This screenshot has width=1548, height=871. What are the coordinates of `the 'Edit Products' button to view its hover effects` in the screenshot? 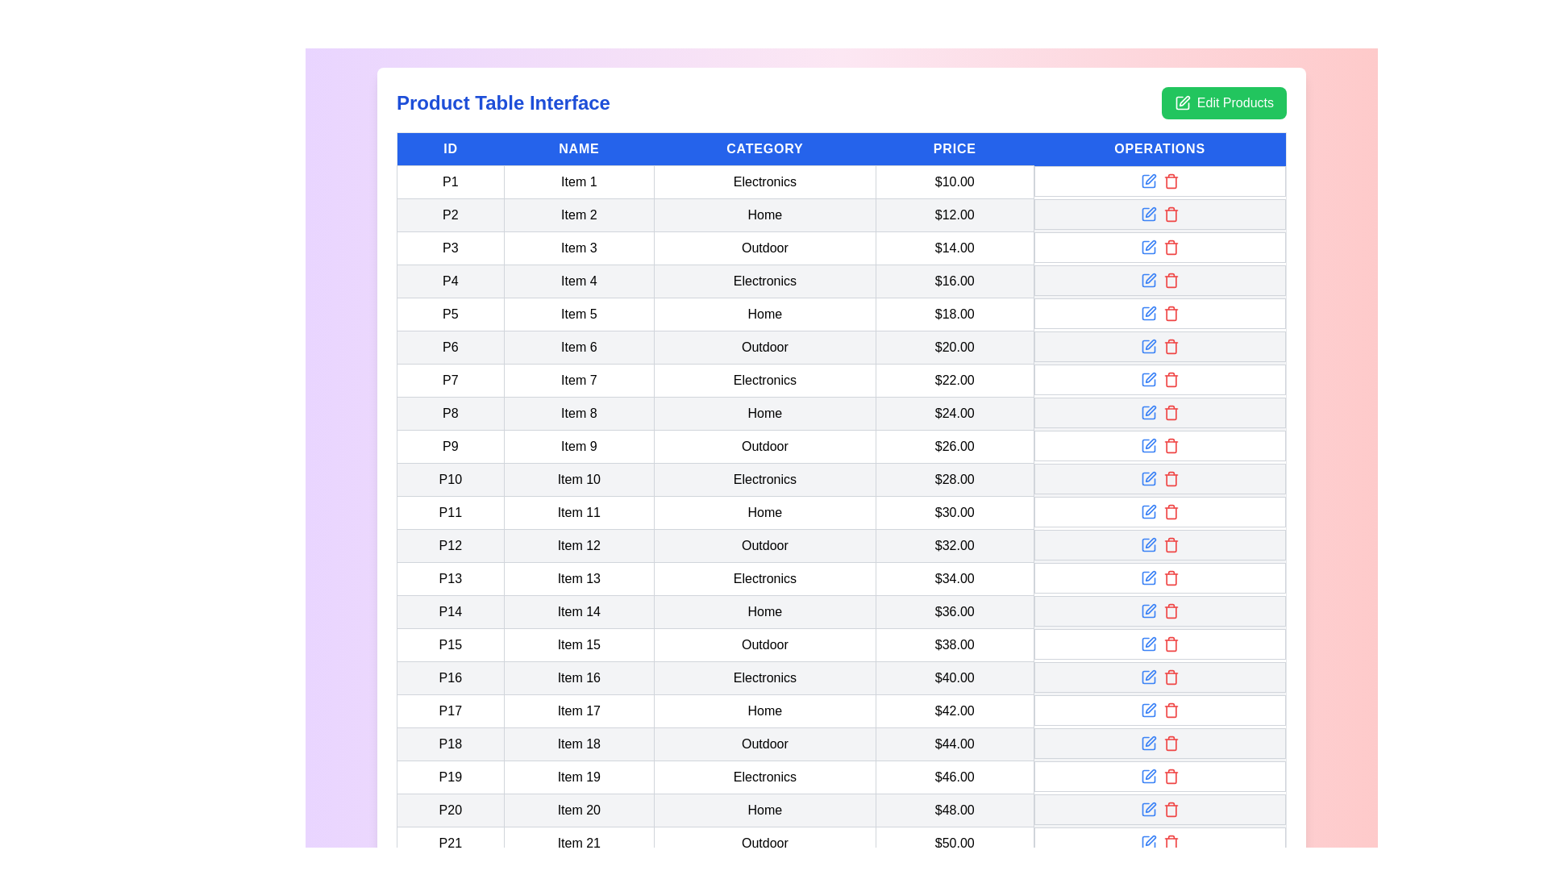 It's located at (1223, 102).